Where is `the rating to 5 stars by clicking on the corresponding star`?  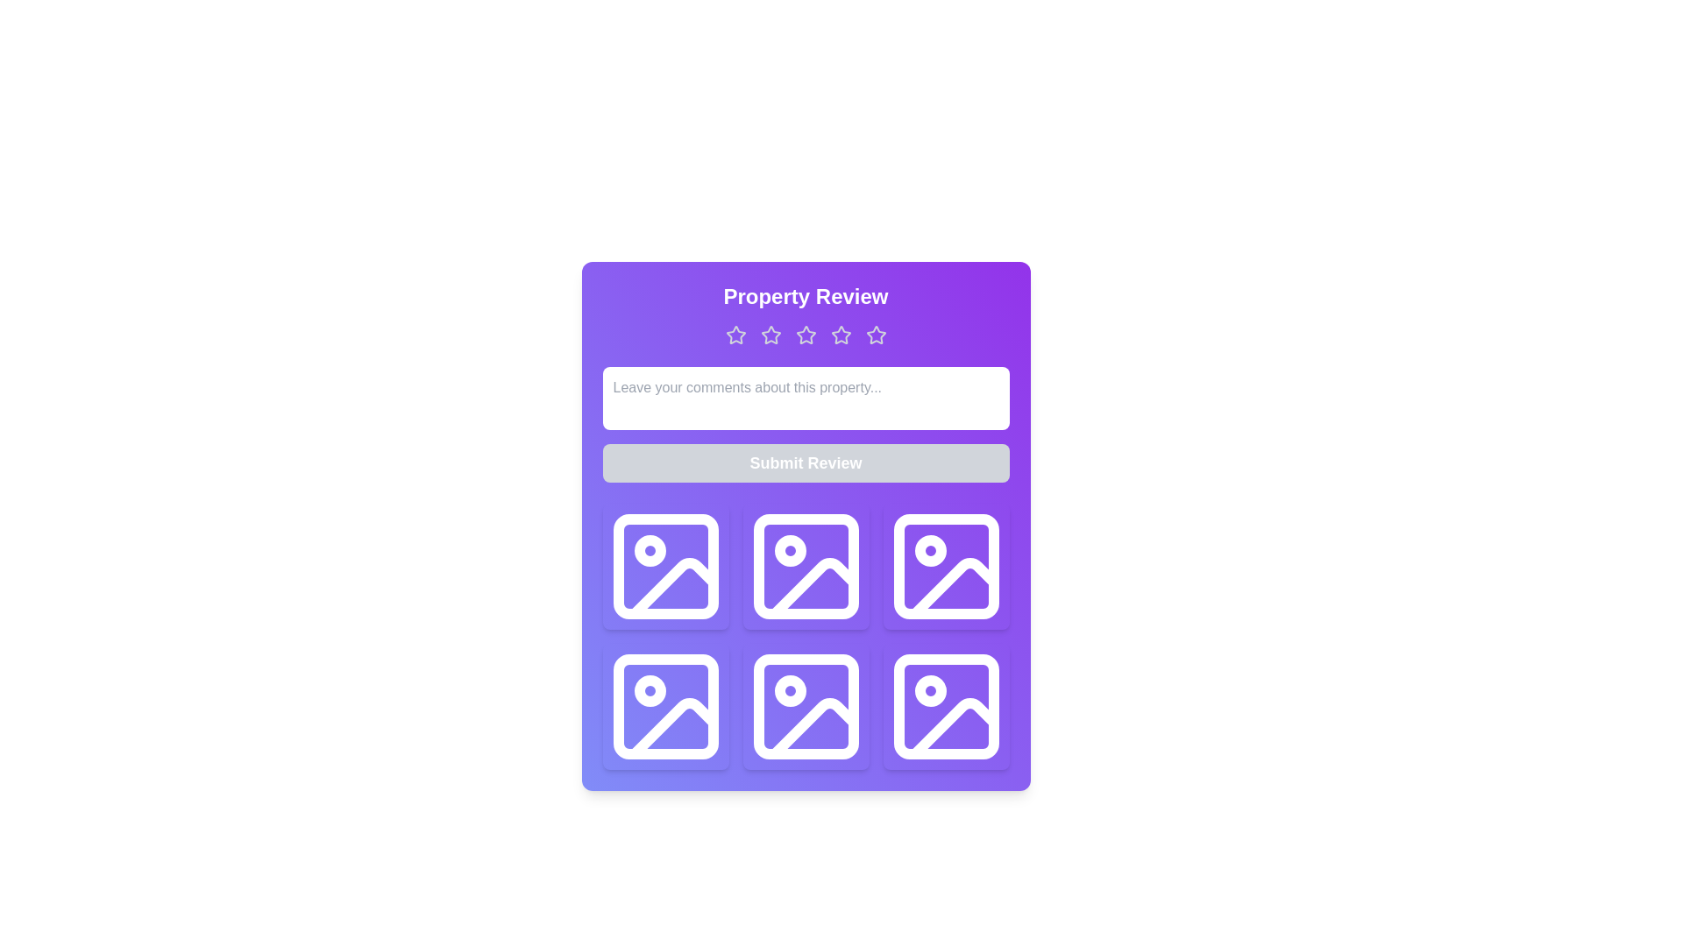
the rating to 5 stars by clicking on the corresponding star is located at coordinates (876, 335).